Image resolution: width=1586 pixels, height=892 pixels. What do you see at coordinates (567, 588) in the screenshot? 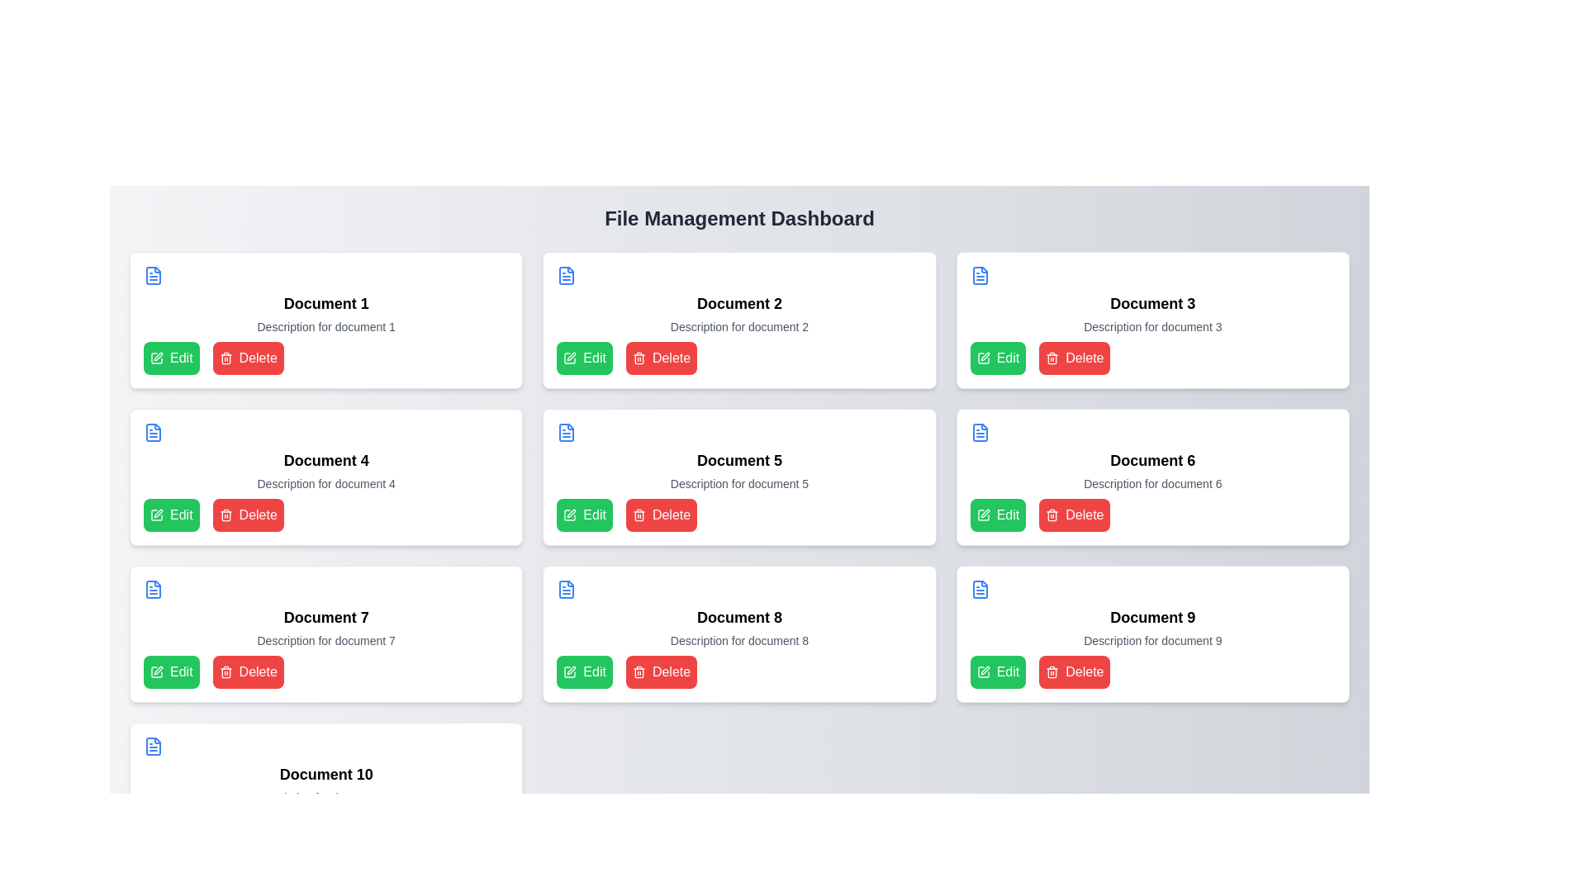
I see `the file icon located in the upper left section of the card labeled 'Document 8', situated slightly above the title and description text` at bounding box center [567, 588].